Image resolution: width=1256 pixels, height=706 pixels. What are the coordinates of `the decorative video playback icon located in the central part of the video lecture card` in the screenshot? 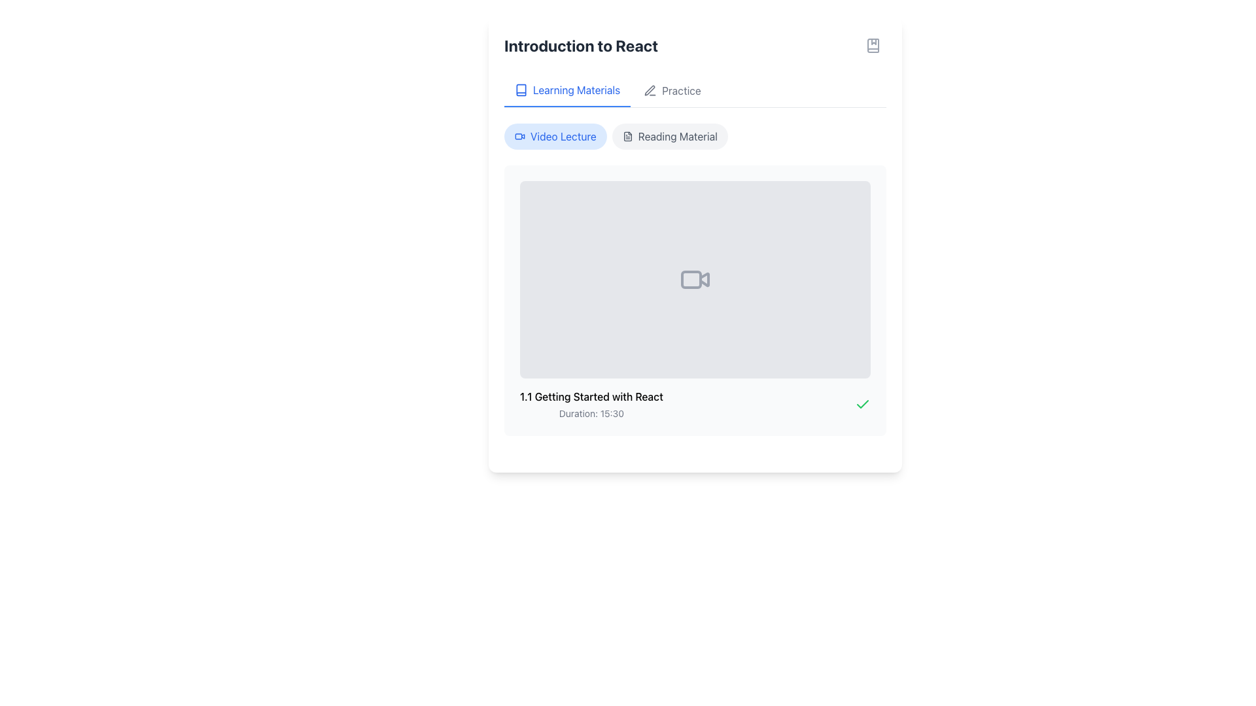 It's located at (703, 278).